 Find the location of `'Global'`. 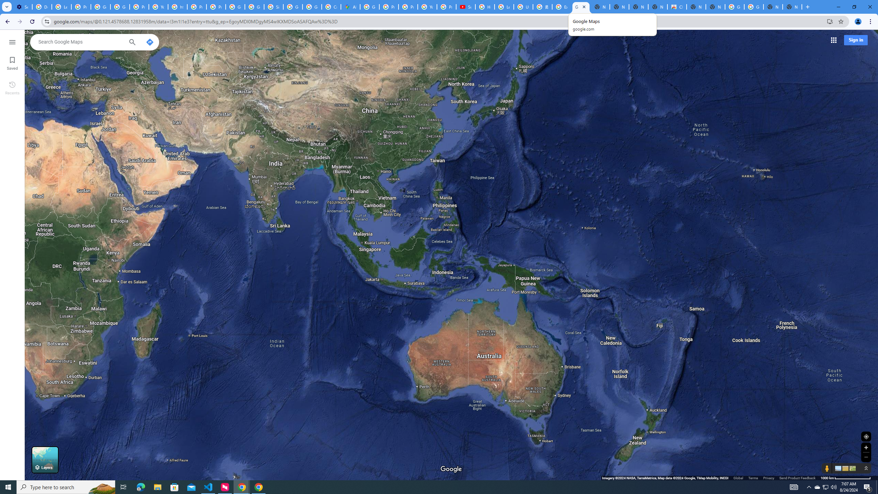

'Global' is located at coordinates (738, 478).